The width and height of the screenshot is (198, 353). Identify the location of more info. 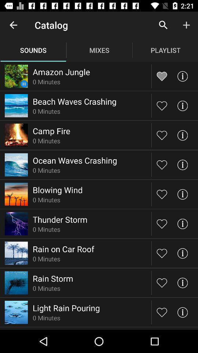
(182, 312).